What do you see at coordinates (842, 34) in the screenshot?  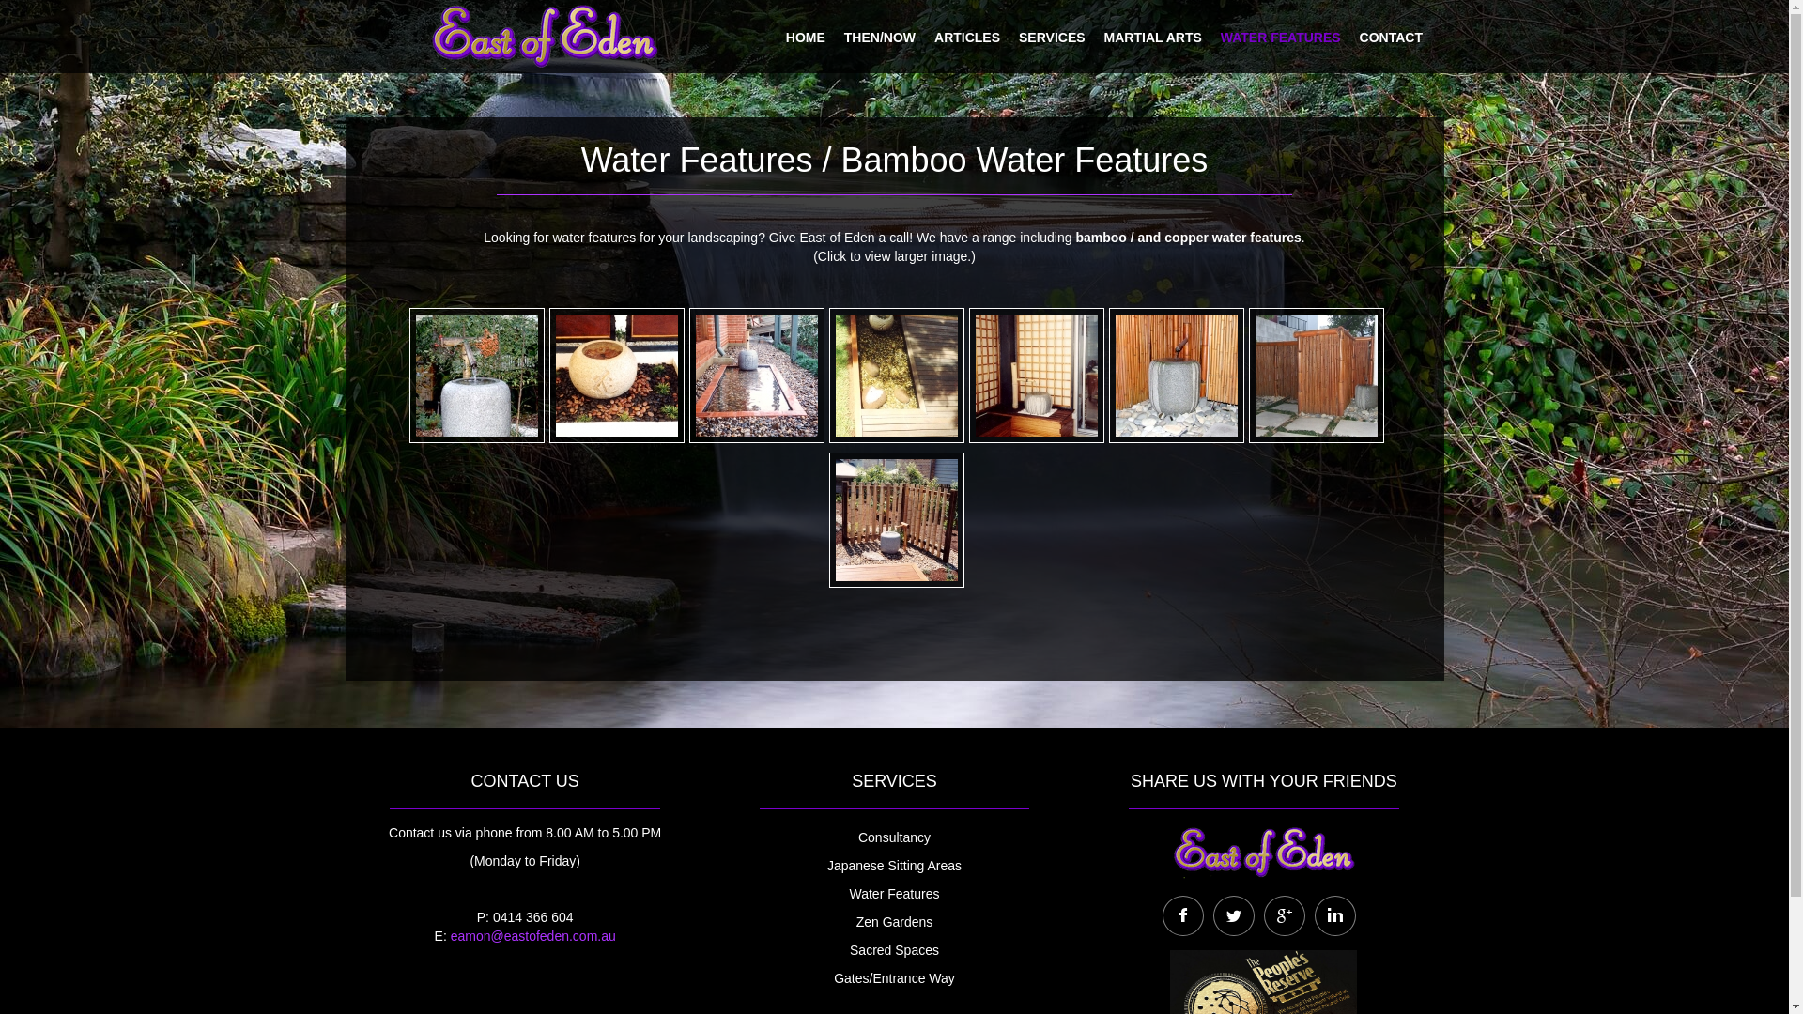 I see `'THEN/NOW'` at bounding box center [842, 34].